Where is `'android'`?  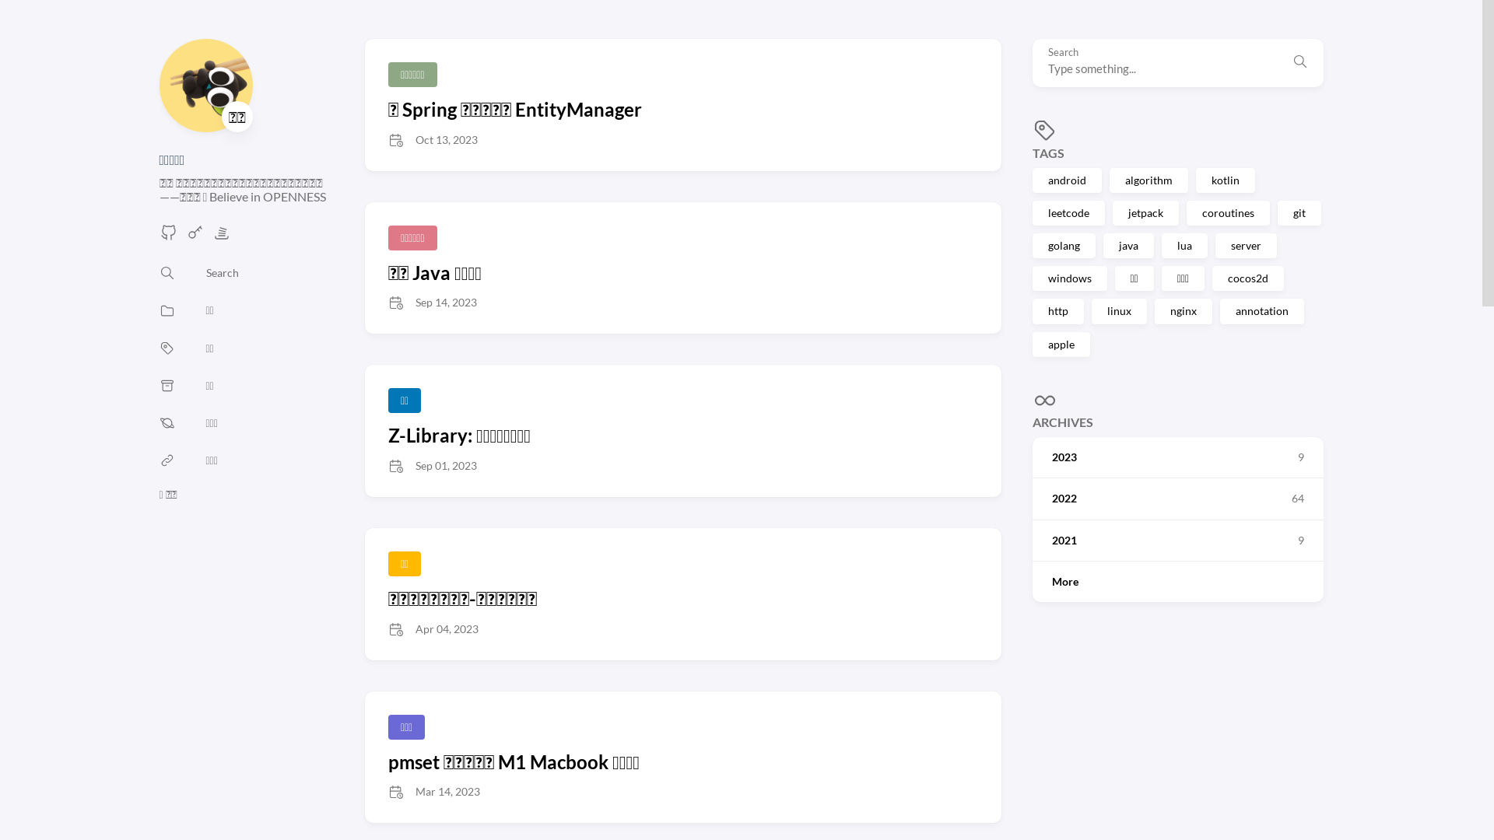 'android' is located at coordinates (1065, 179).